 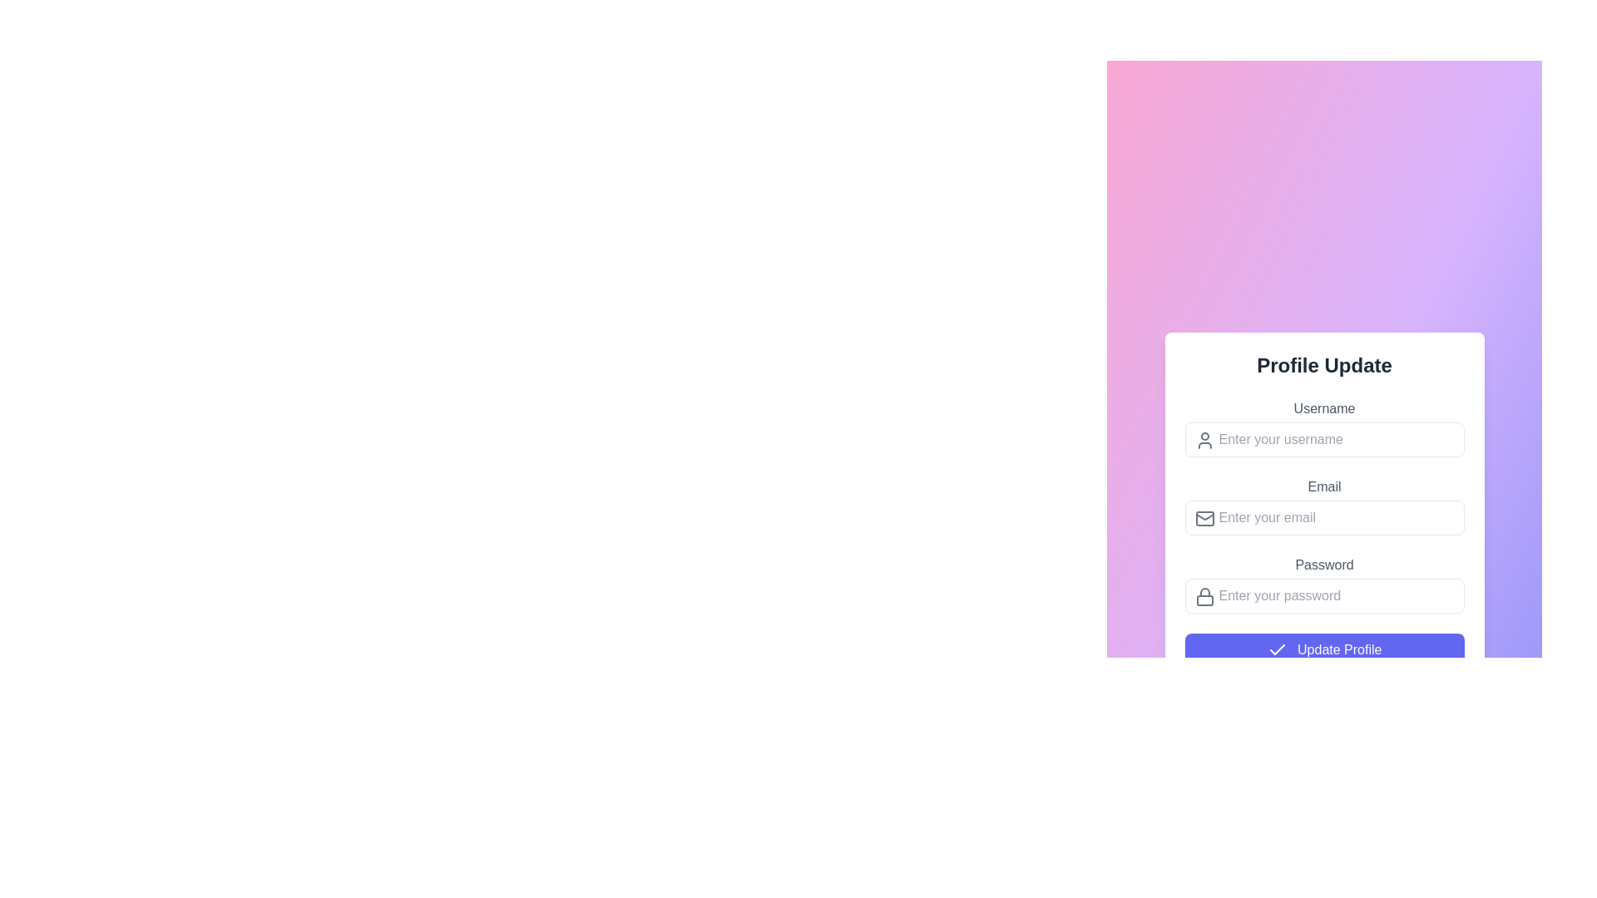 What do you see at coordinates (1204, 517) in the screenshot?
I see `the SVG mail icon component, which is the rectangular portion of the envelope icon located adjacent to the email input field, slightly above the text 'Enter your email'` at bounding box center [1204, 517].